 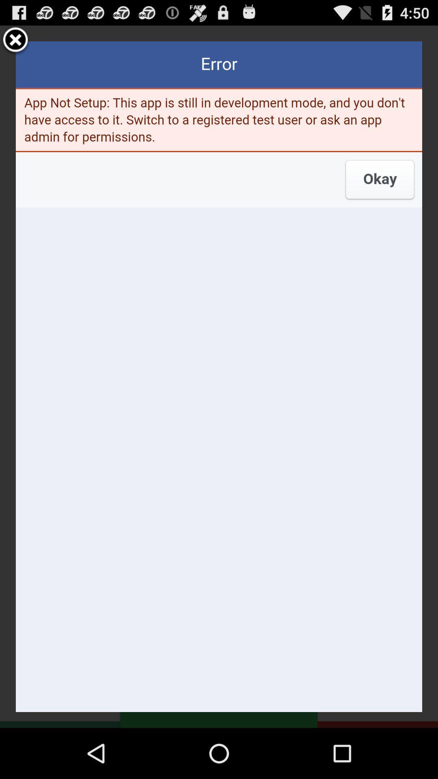 What do you see at coordinates (15, 41) in the screenshot?
I see `the page` at bounding box center [15, 41].